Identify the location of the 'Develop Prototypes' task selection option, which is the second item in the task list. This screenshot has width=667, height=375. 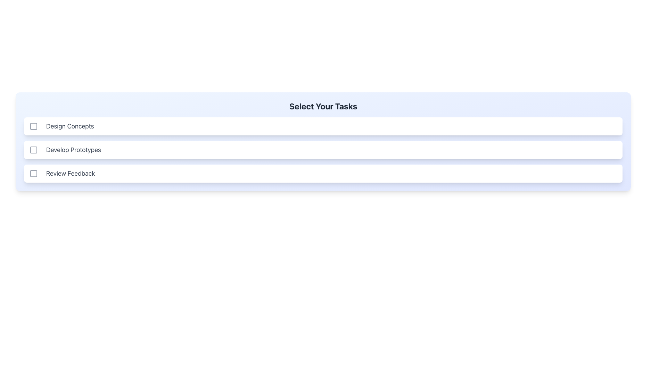
(323, 150).